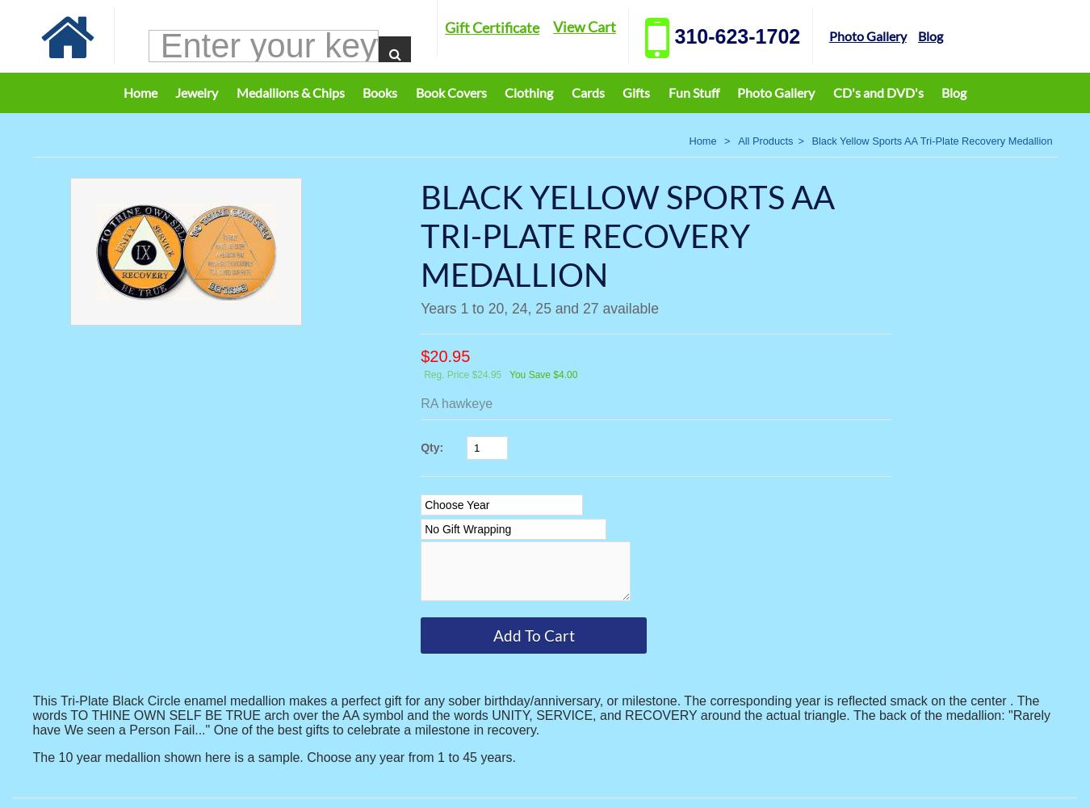  I want to click on 'RA hawkeye', so click(456, 402).